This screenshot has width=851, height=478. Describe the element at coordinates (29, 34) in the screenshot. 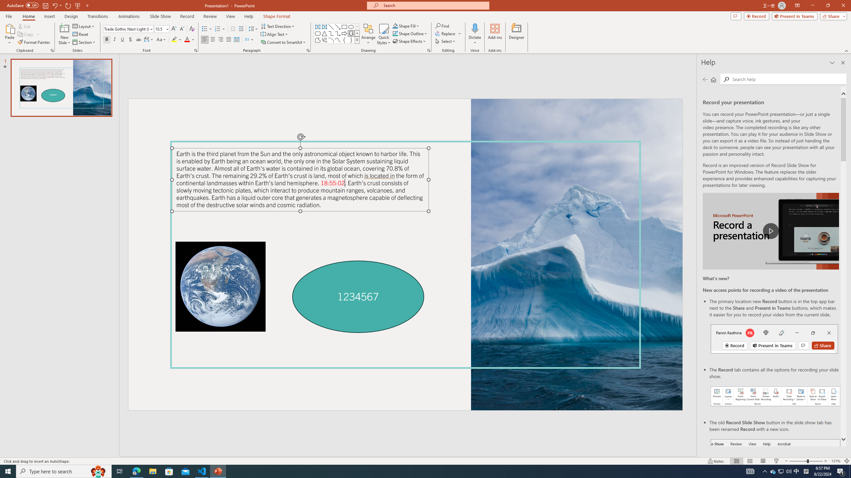

I see `'Copy'` at that location.